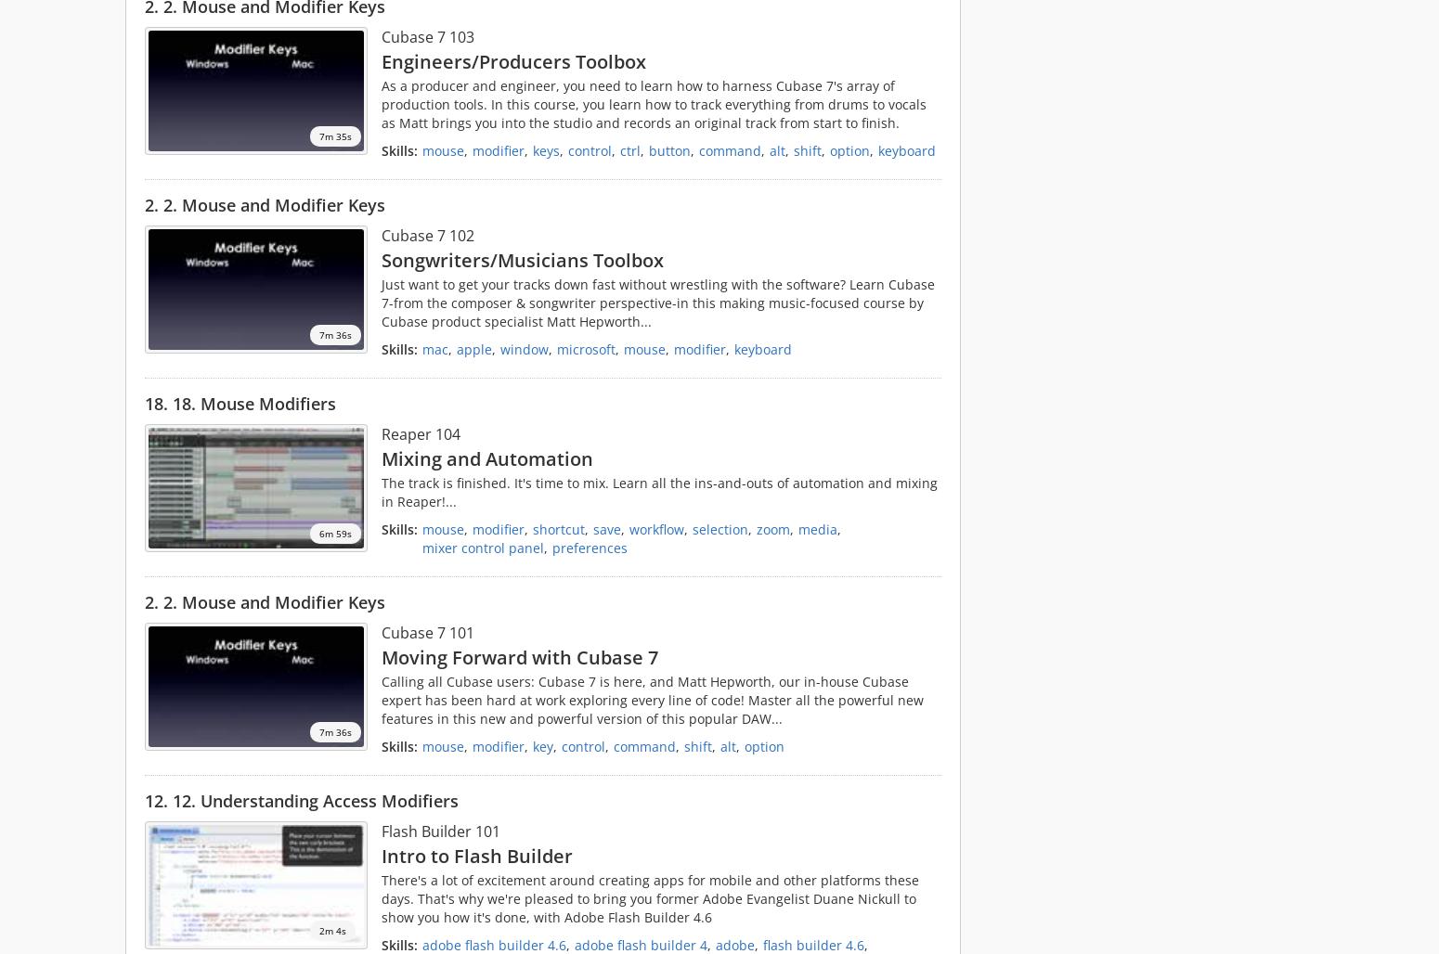 The width and height of the screenshot is (1439, 954). Describe the element at coordinates (382, 457) in the screenshot. I see `'Mixing and Automation'` at that location.